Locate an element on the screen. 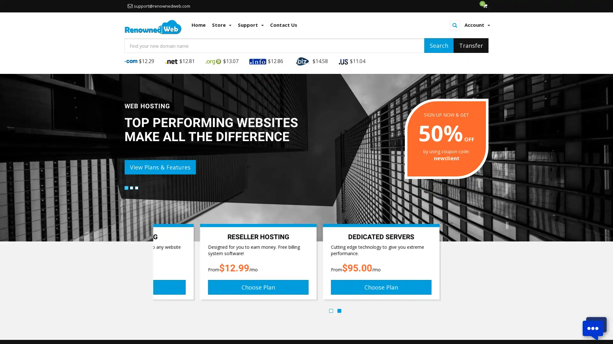 The height and width of the screenshot is (344, 613). Search is located at coordinates (438, 45).